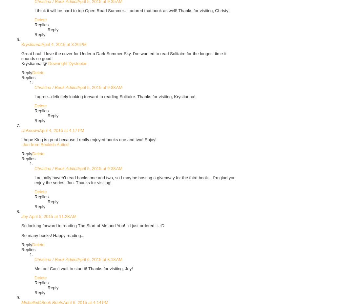  I want to click on '-Jon from Bookish Antics!', so click(21, 144).